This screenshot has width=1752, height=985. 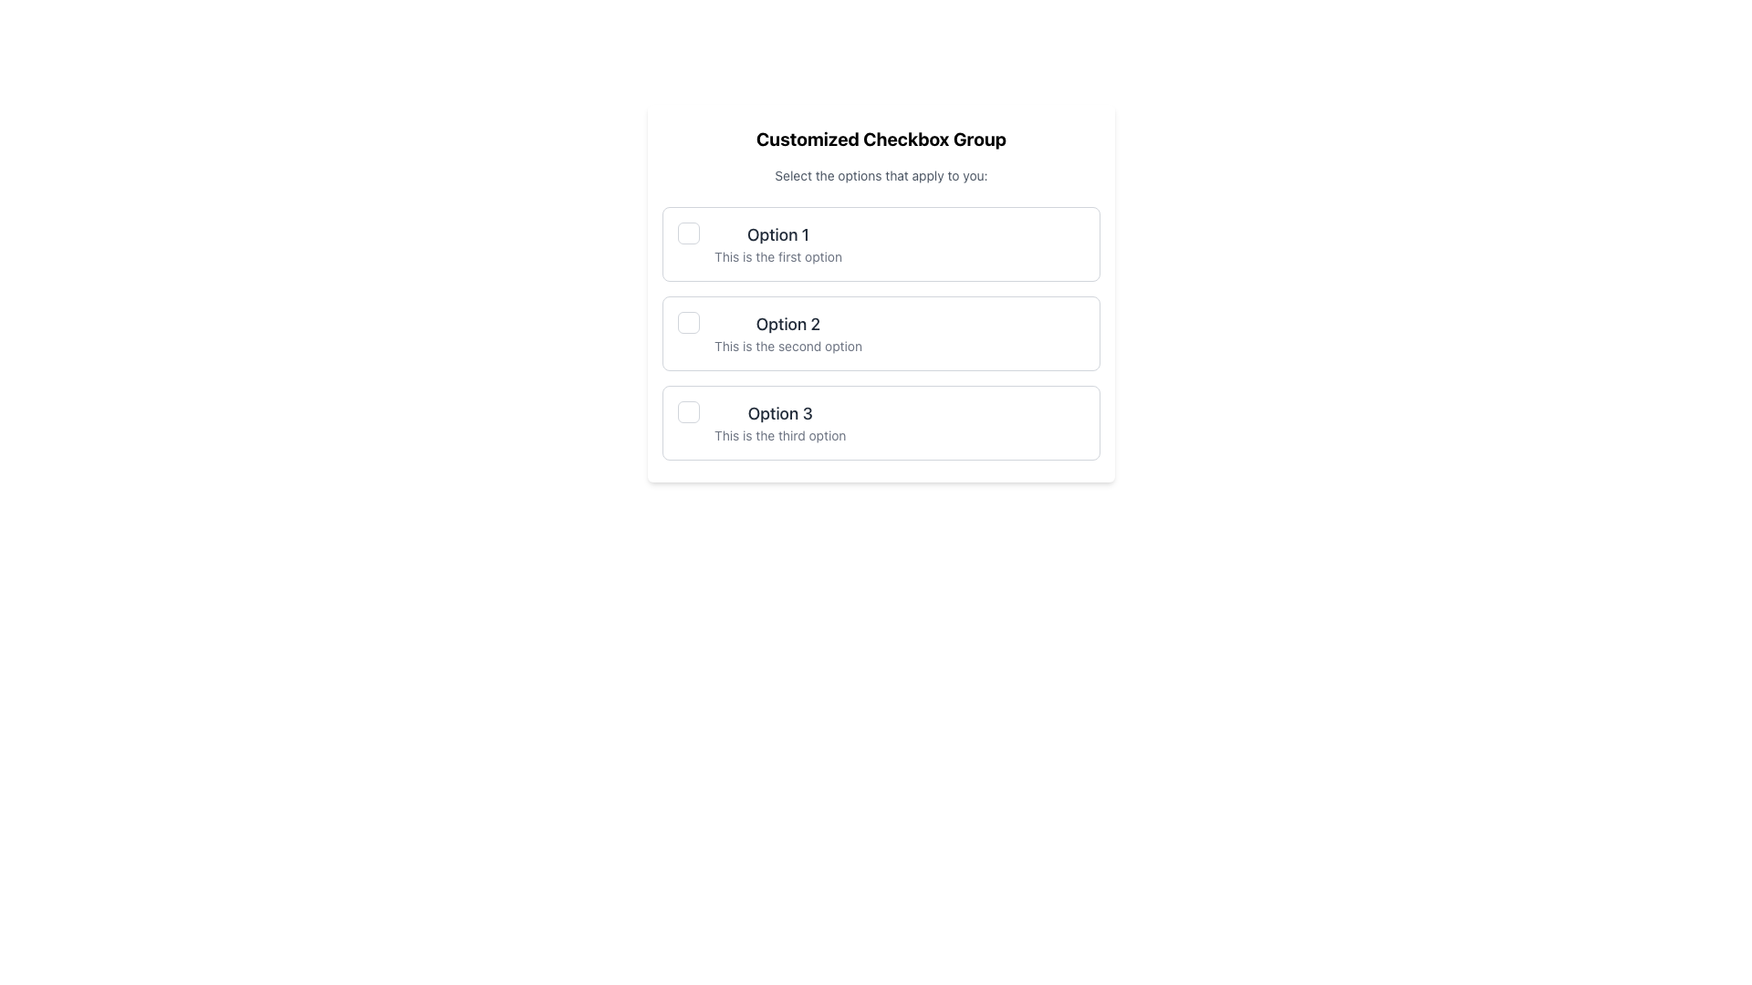 What do you see at coordinates (778, 234) in the screenshot?
I see `the 'Option 1' text label, which is styled as a bold, larger font dark gray label located in the 'Customized Checkbox Group' above the checkbox` at bounding box center [778, 234].